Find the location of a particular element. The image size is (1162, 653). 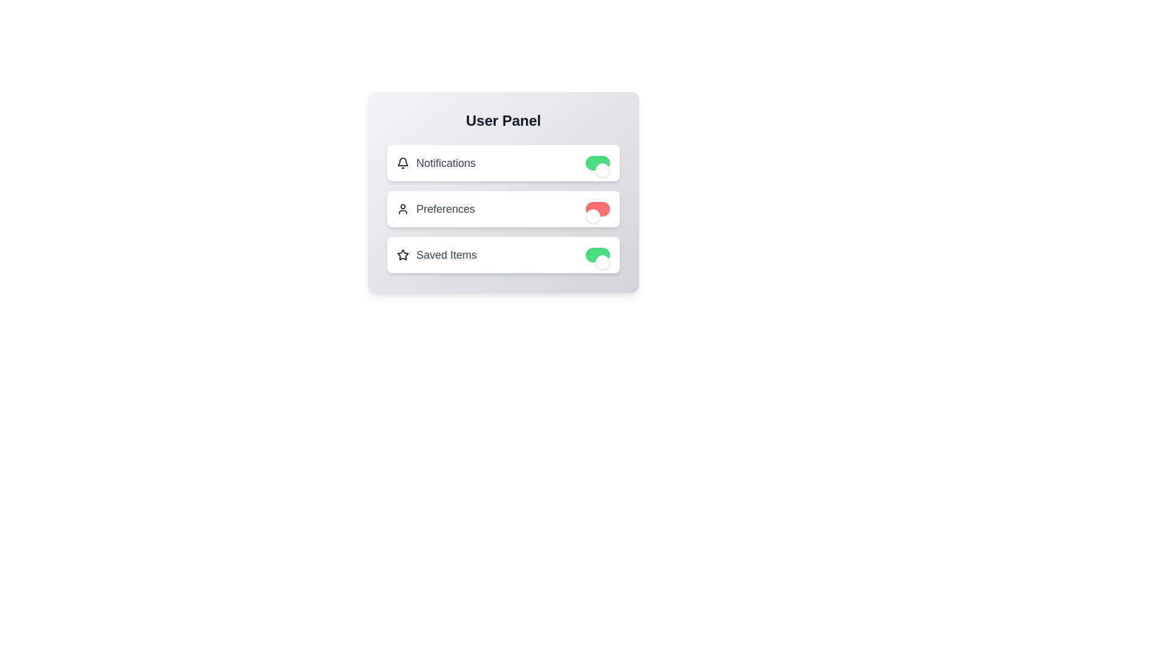

the toggle switch for 'Saved Items' to change its active state is located at coordinates (598, 254).